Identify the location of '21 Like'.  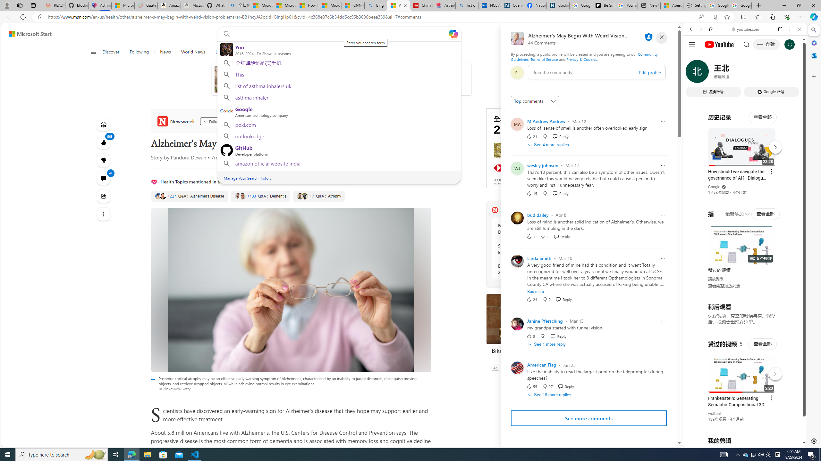
(531, 136).